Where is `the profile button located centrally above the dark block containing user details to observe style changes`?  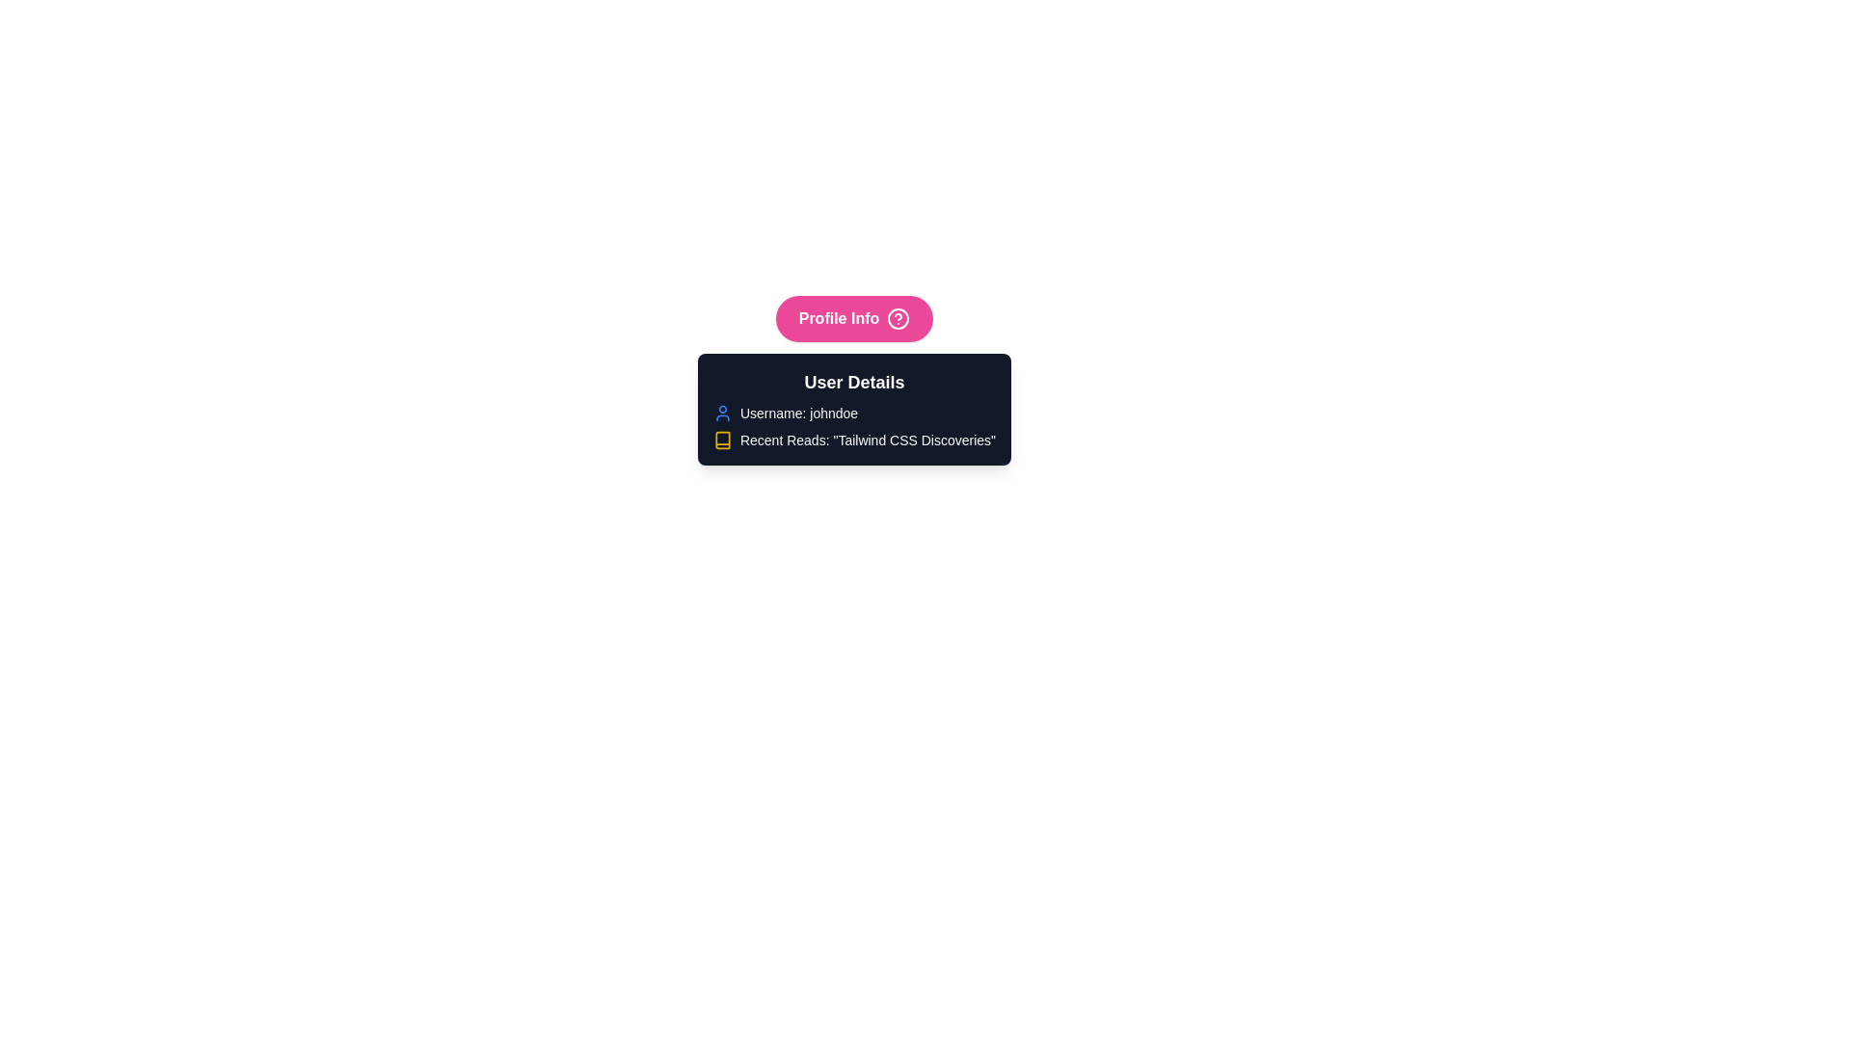 the profile button located centrally above the dark block containing user details to observe style changes is located at coordinates (853, 318).